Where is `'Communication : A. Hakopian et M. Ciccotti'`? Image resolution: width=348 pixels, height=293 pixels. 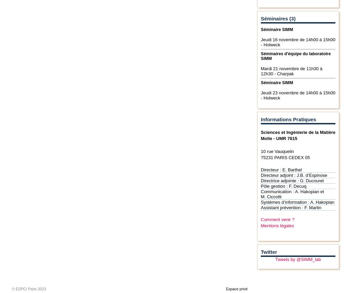 'Communication : A. Hakopian et M. Ciccotti' is located at coordinates (292, 194).